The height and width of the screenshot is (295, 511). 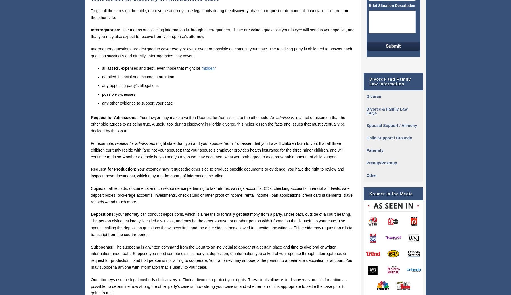 What do you see at coordinates (382, 163) in the screenshot?
I see `'Prenup/Postnup'` at bounding box center [382, 163].